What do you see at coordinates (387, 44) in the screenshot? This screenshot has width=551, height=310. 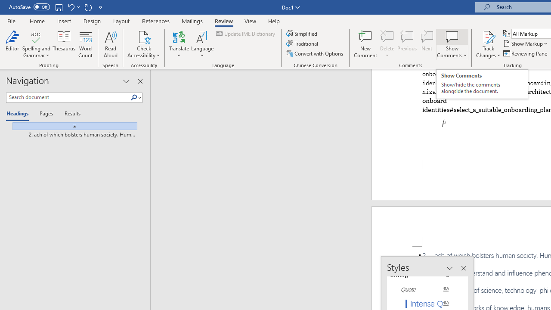 I see `'Delete'` at bounding box center [387, 44].